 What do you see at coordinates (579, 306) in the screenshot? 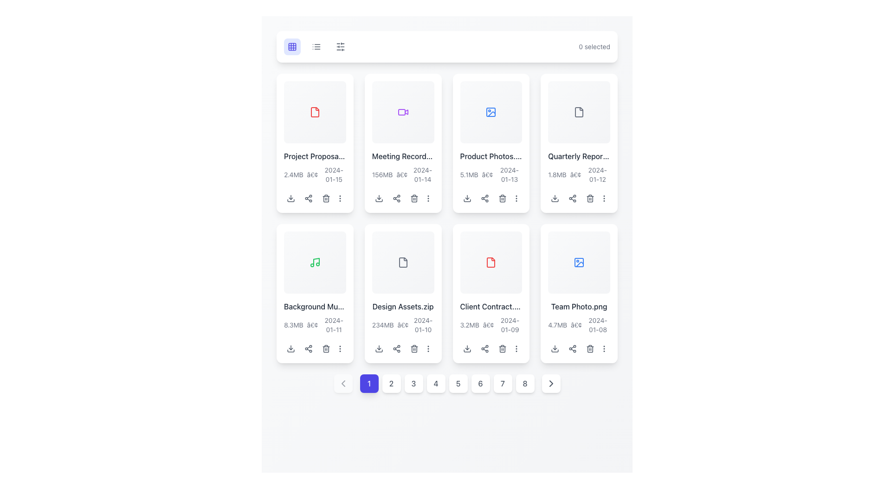
I see `the text label displaying 'Team Photo.png', which is styled with medium font weight and dark gray color, located near the bottom of a card in the second row and last column of the grid layout` at bounding box center [579, 306].